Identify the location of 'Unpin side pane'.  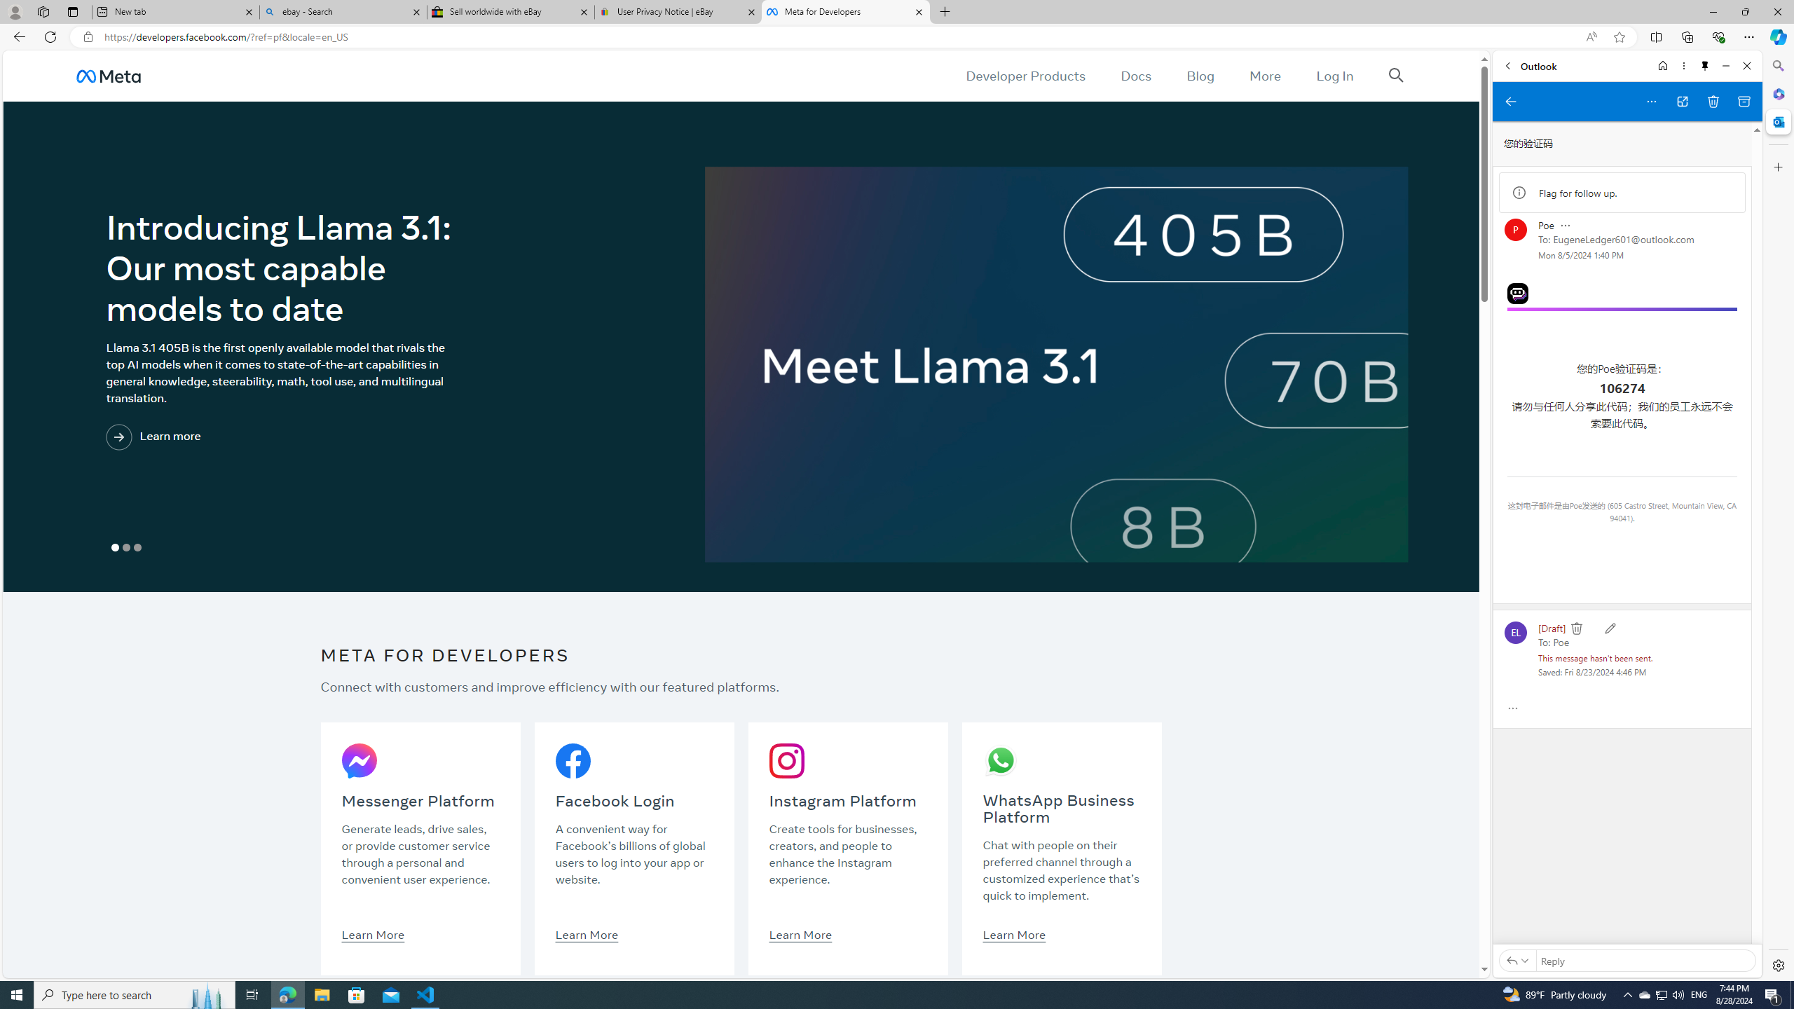
(1705, 65).